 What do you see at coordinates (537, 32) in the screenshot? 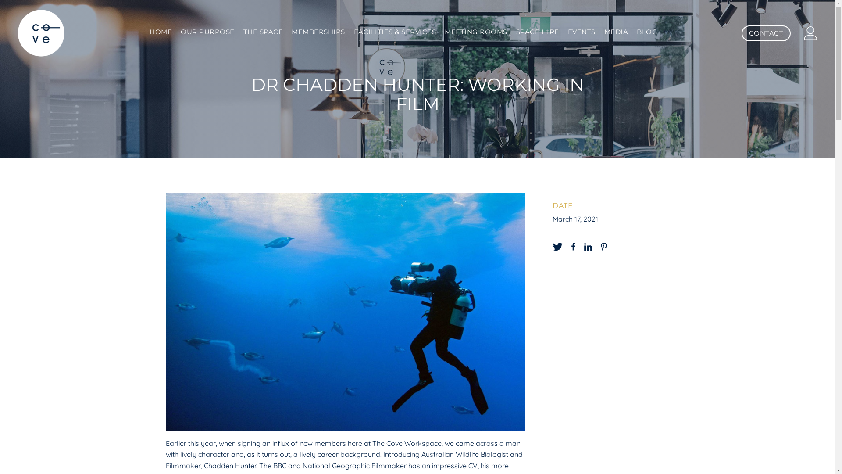
I see `'SPACE HIRE'` at bounding box center [537, 32].